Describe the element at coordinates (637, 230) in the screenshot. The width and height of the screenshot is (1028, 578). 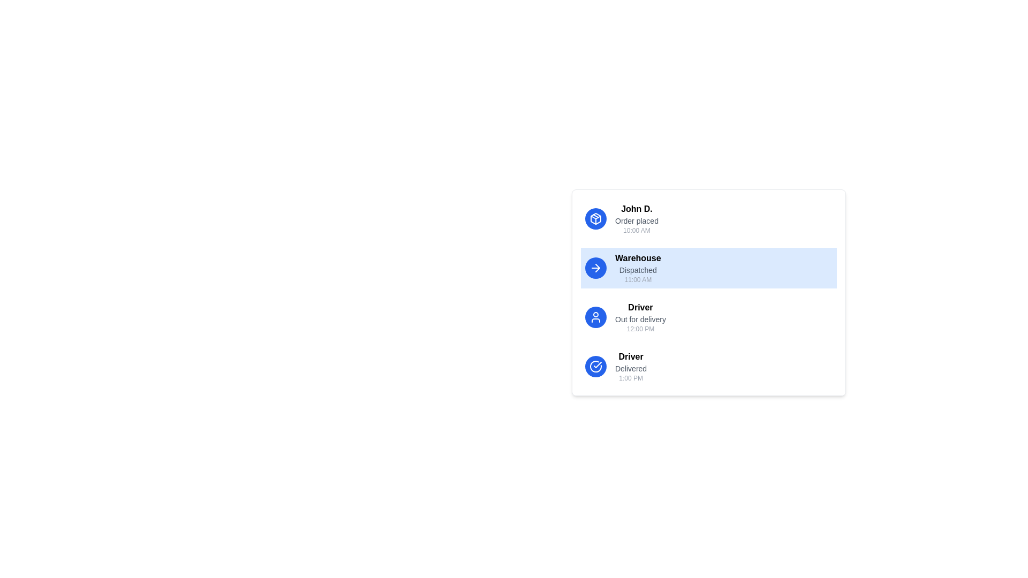
I see `the text label displaying '10:00 AM' in light gray, located at the bottom of the grouped section with 'John D.' and 'Order placed' above it` at that location.